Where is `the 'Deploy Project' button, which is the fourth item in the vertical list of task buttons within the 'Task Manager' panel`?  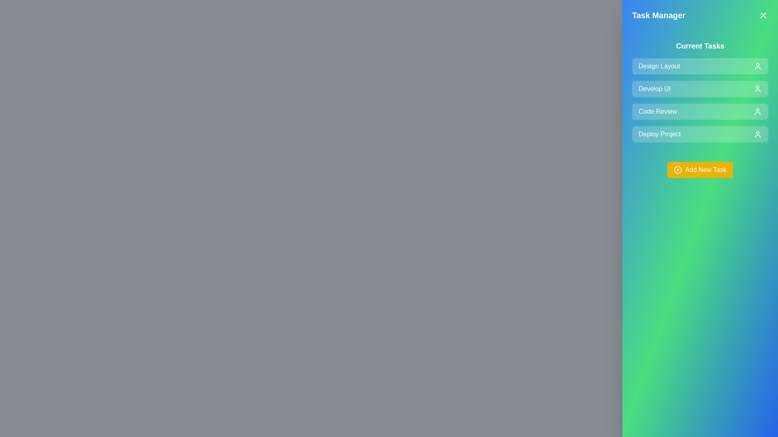 the 'Deploy Project' button, which is the fourth item in the vertical list of task buttons within the 'Task Manager' panel is located at coordinates (700, 134).